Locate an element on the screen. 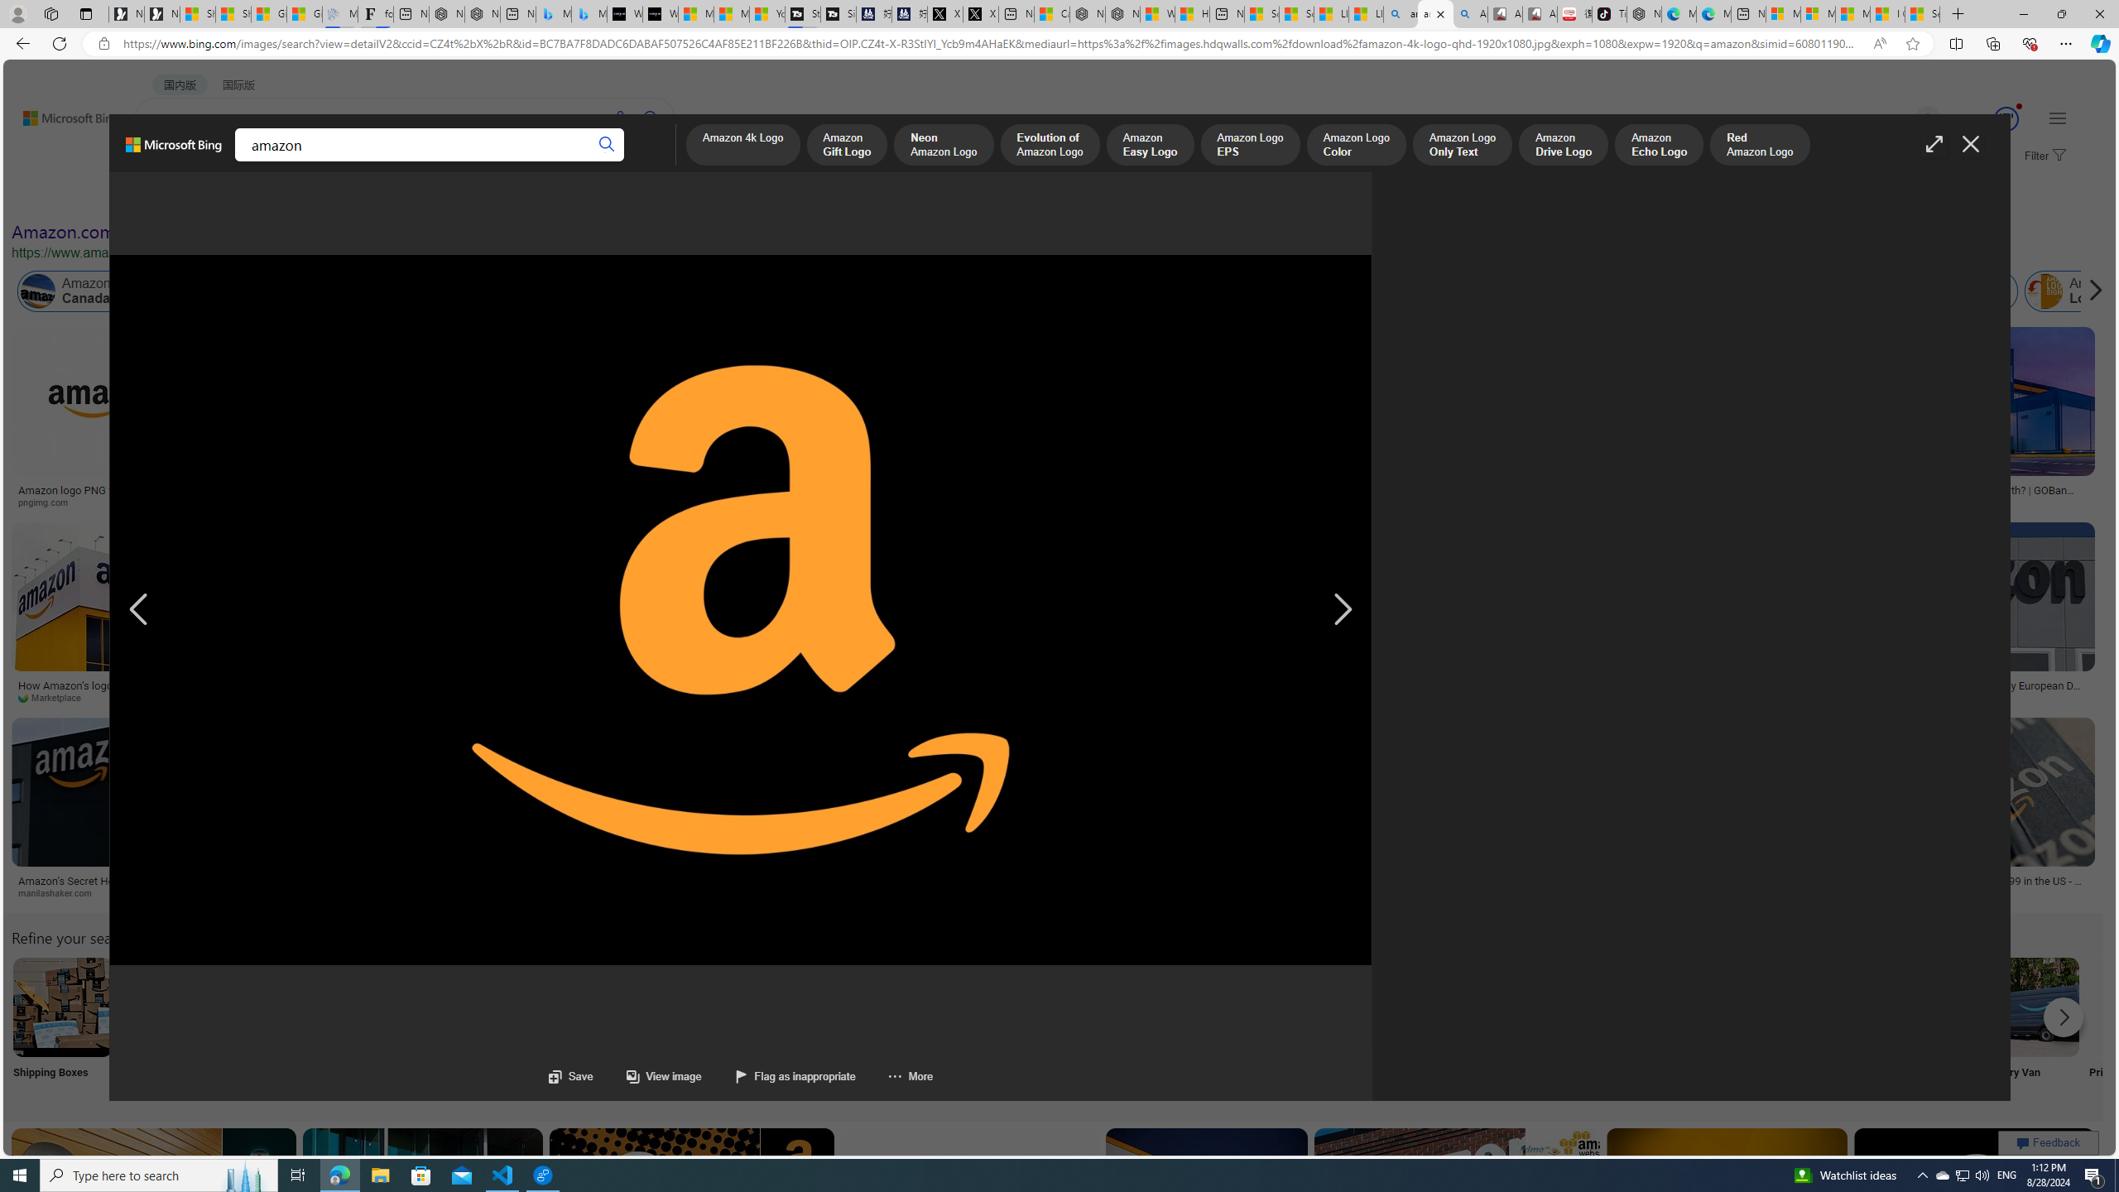 This screenshot has height=1192, width=2119. 'Microsoft Rewards 141' is located at coordinates (1987, 118).